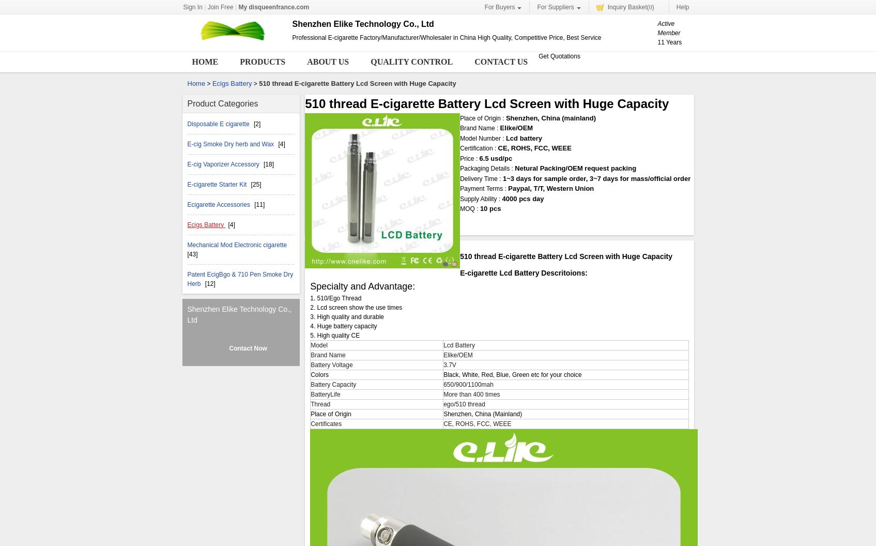  Describe the element at coordinates (682, 7) in the screenshot. I see `'Help'` at that location.